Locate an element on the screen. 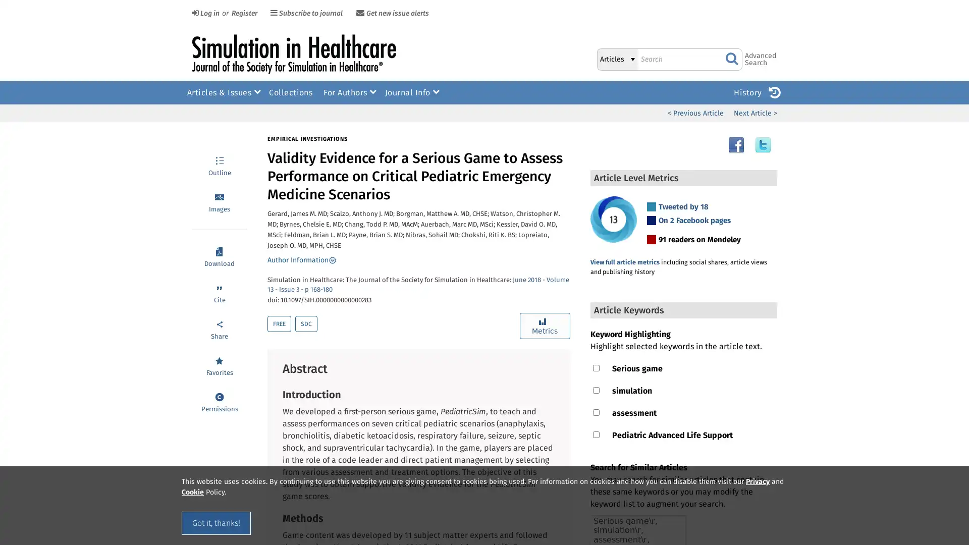 The height and width of the screenshot is (545, 969). Metrics is located at coordinates (544, 325).